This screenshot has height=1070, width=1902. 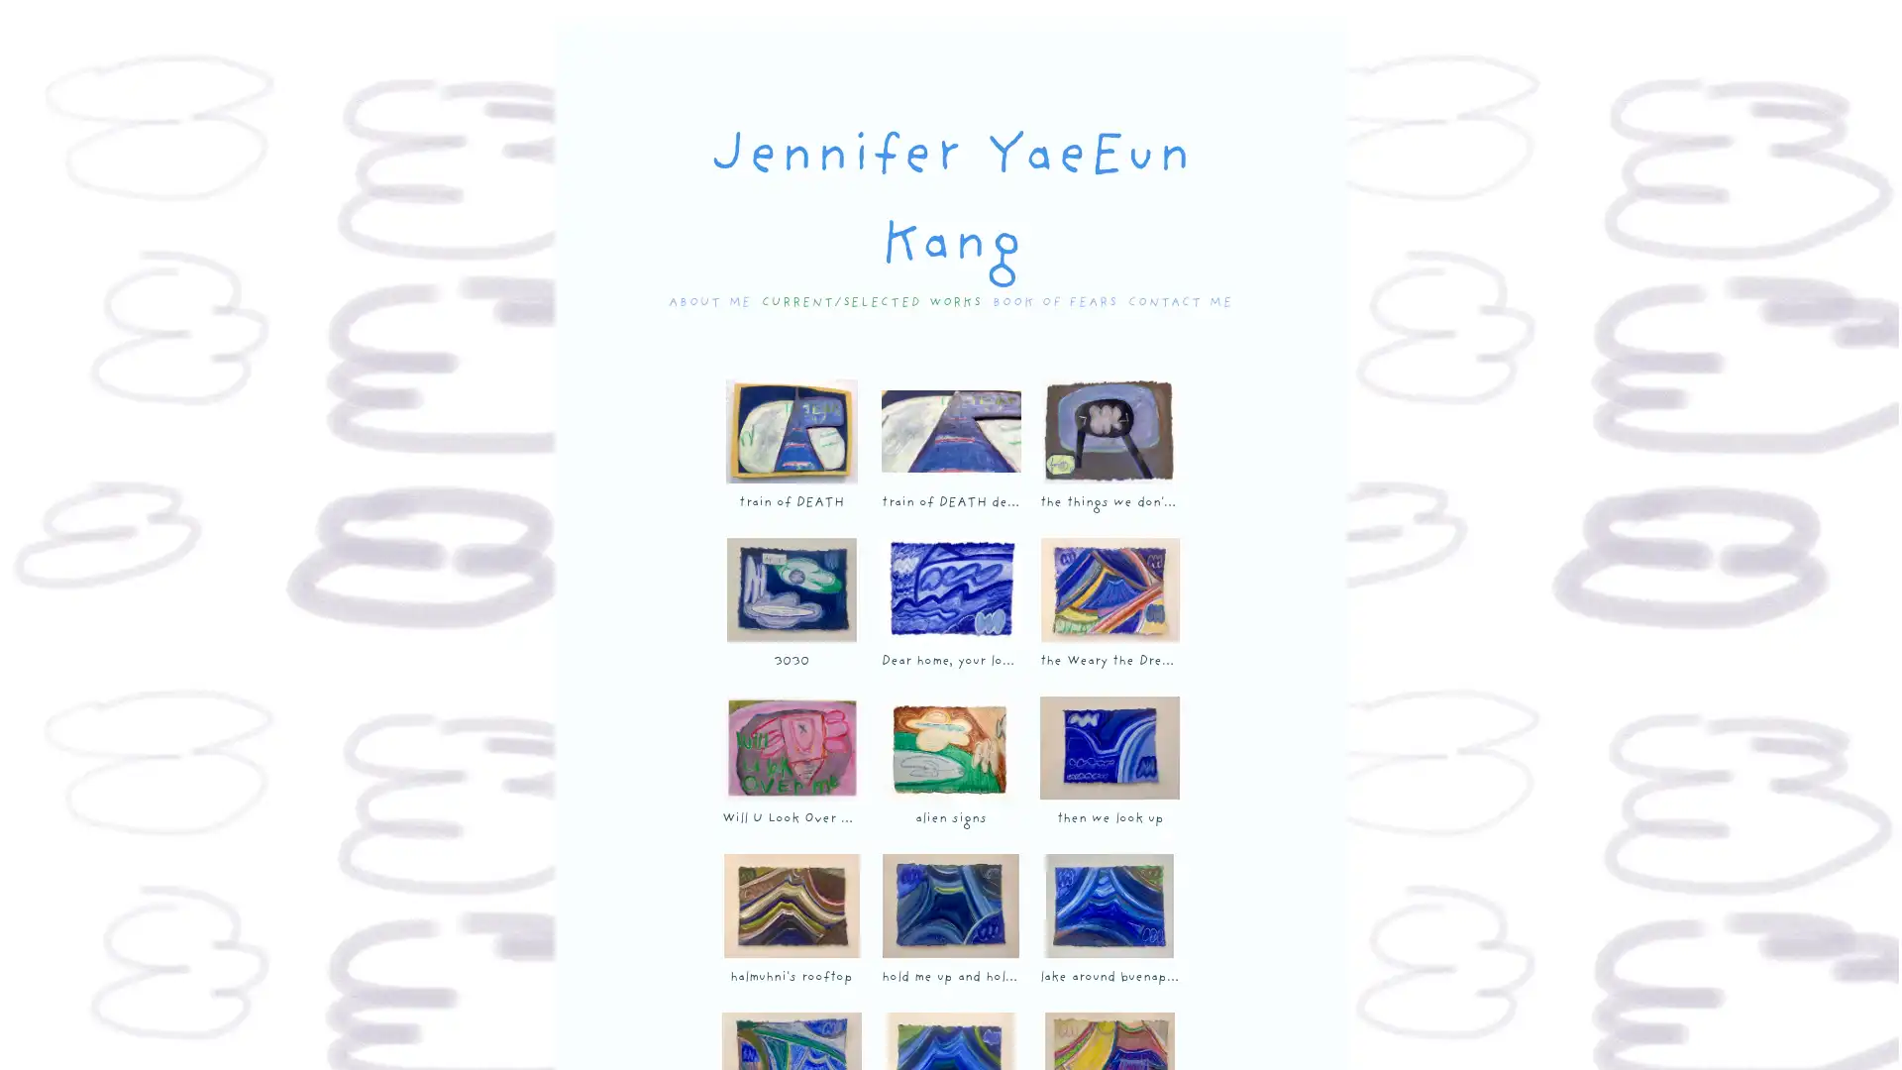 I want to click on View fullsize Dear home, your love is unchanging, so click(x=949, y=588).